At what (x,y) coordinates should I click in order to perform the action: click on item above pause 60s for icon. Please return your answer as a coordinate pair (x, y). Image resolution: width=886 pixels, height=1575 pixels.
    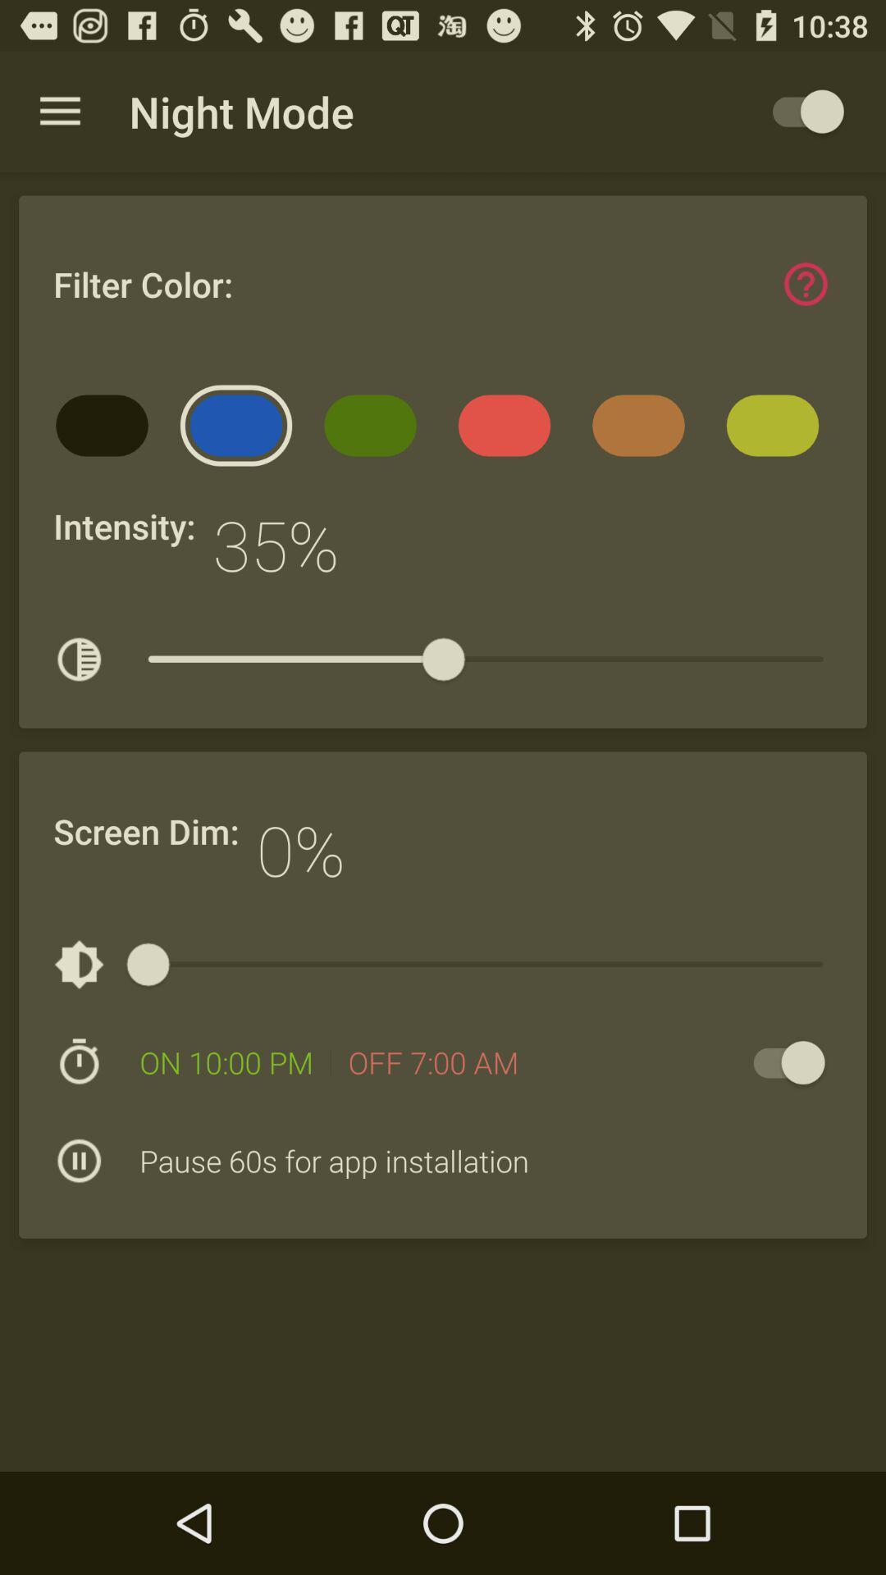
    Looking at the image, I should click on (432, 1062).